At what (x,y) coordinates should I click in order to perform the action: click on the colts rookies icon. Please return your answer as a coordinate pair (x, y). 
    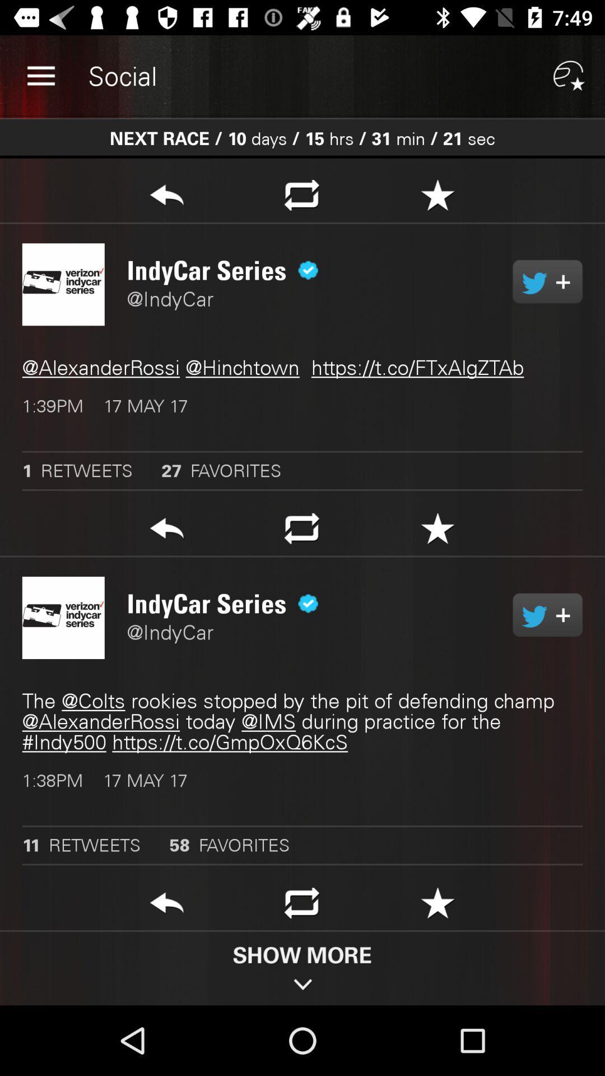
    Looking at the image, I should click on (302, 721).